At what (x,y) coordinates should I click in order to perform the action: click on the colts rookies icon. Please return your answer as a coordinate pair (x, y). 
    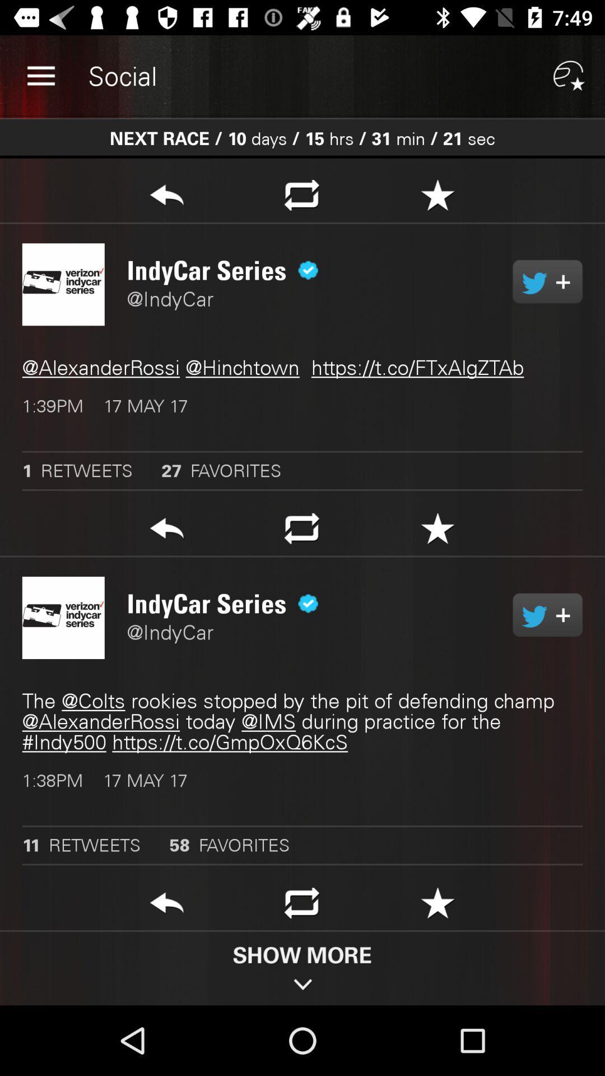
    Looking at the image, I should click on (302, 721).